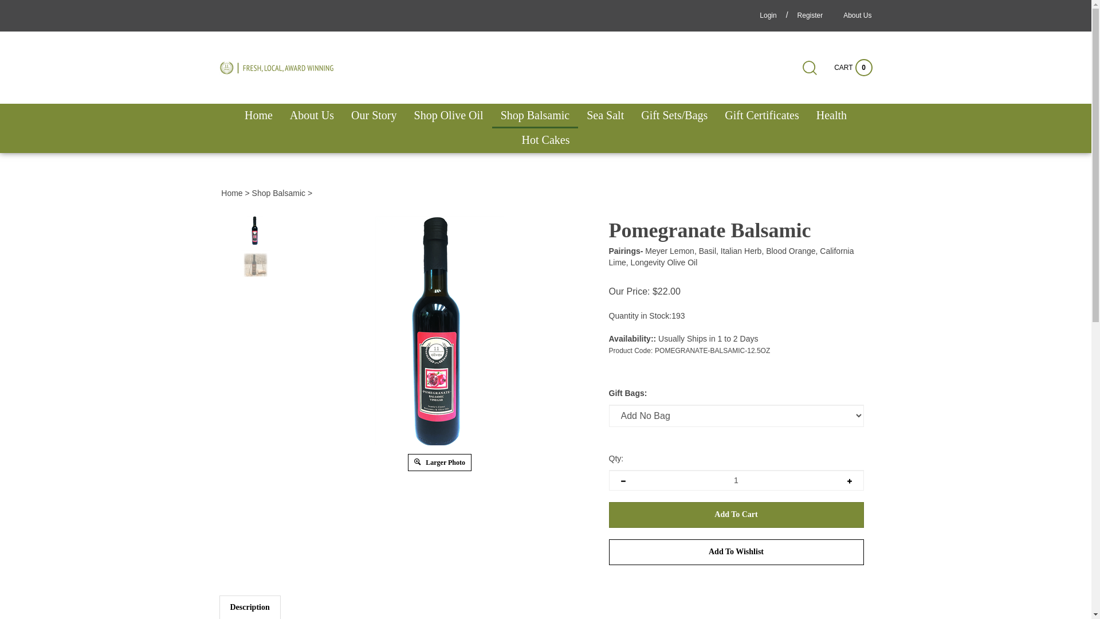 The width and height of the screenshot is (1100, 619). I want to click on 'minus', so click(622, 480).